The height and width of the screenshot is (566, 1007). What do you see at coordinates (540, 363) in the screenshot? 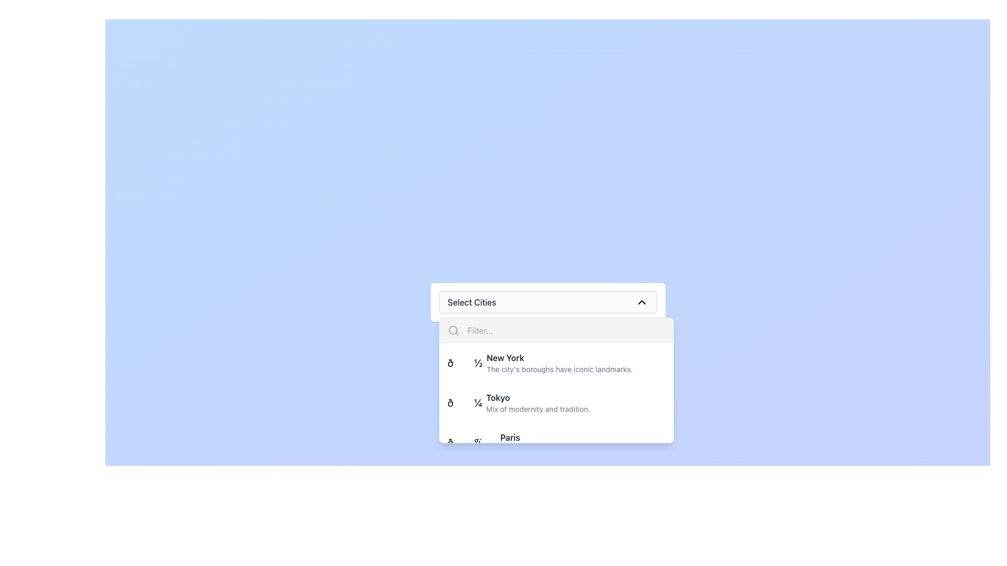
I see `the first list item in the dropdown under 'Select Cities'` at bounding box center [540, 363].